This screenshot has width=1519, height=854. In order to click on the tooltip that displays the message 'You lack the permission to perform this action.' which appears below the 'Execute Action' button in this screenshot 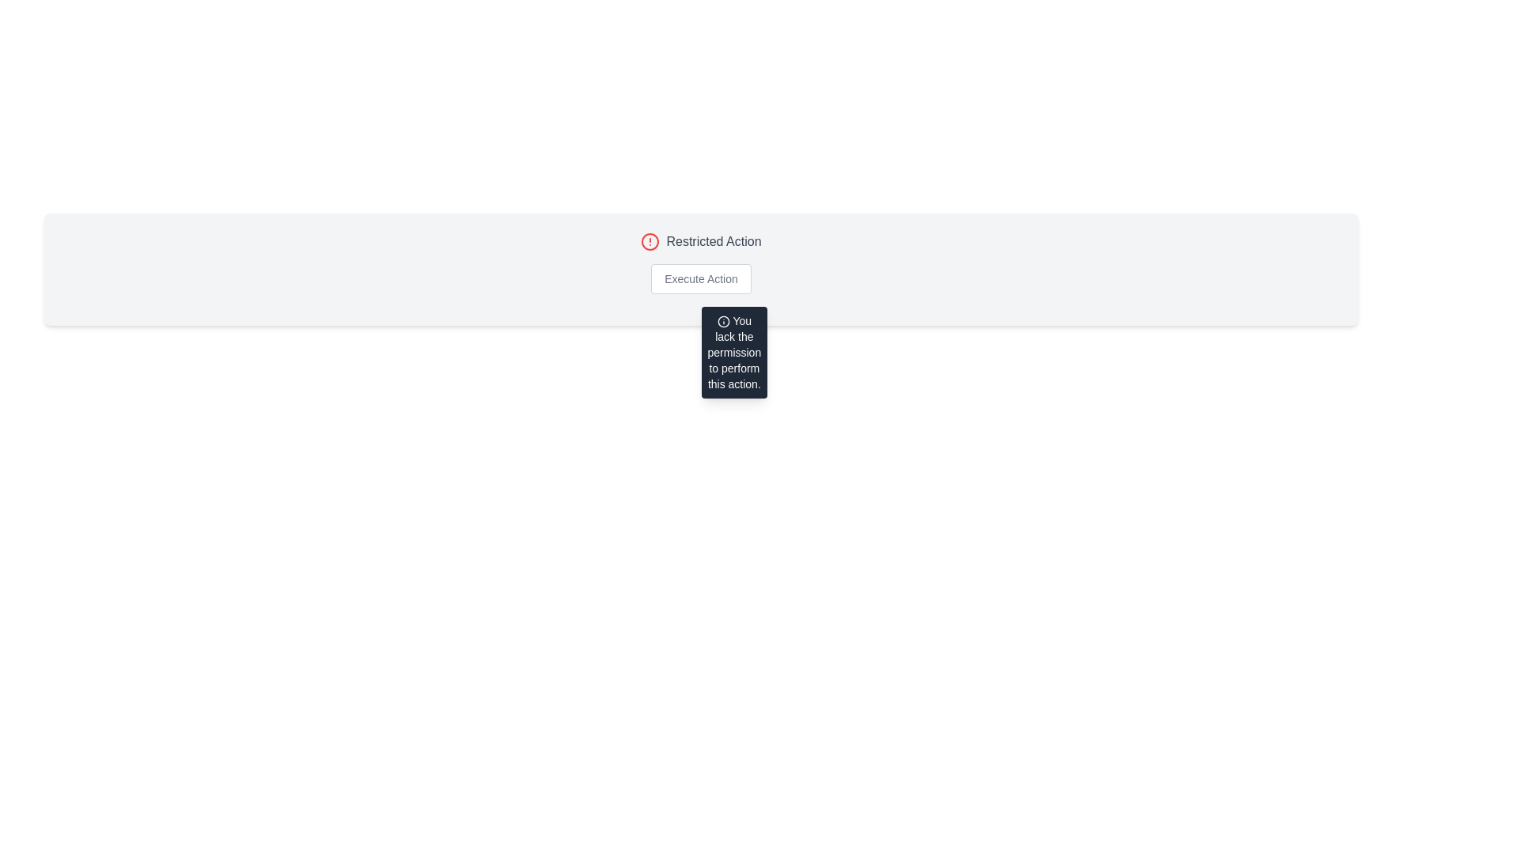, I will do `click(733, 352)`.